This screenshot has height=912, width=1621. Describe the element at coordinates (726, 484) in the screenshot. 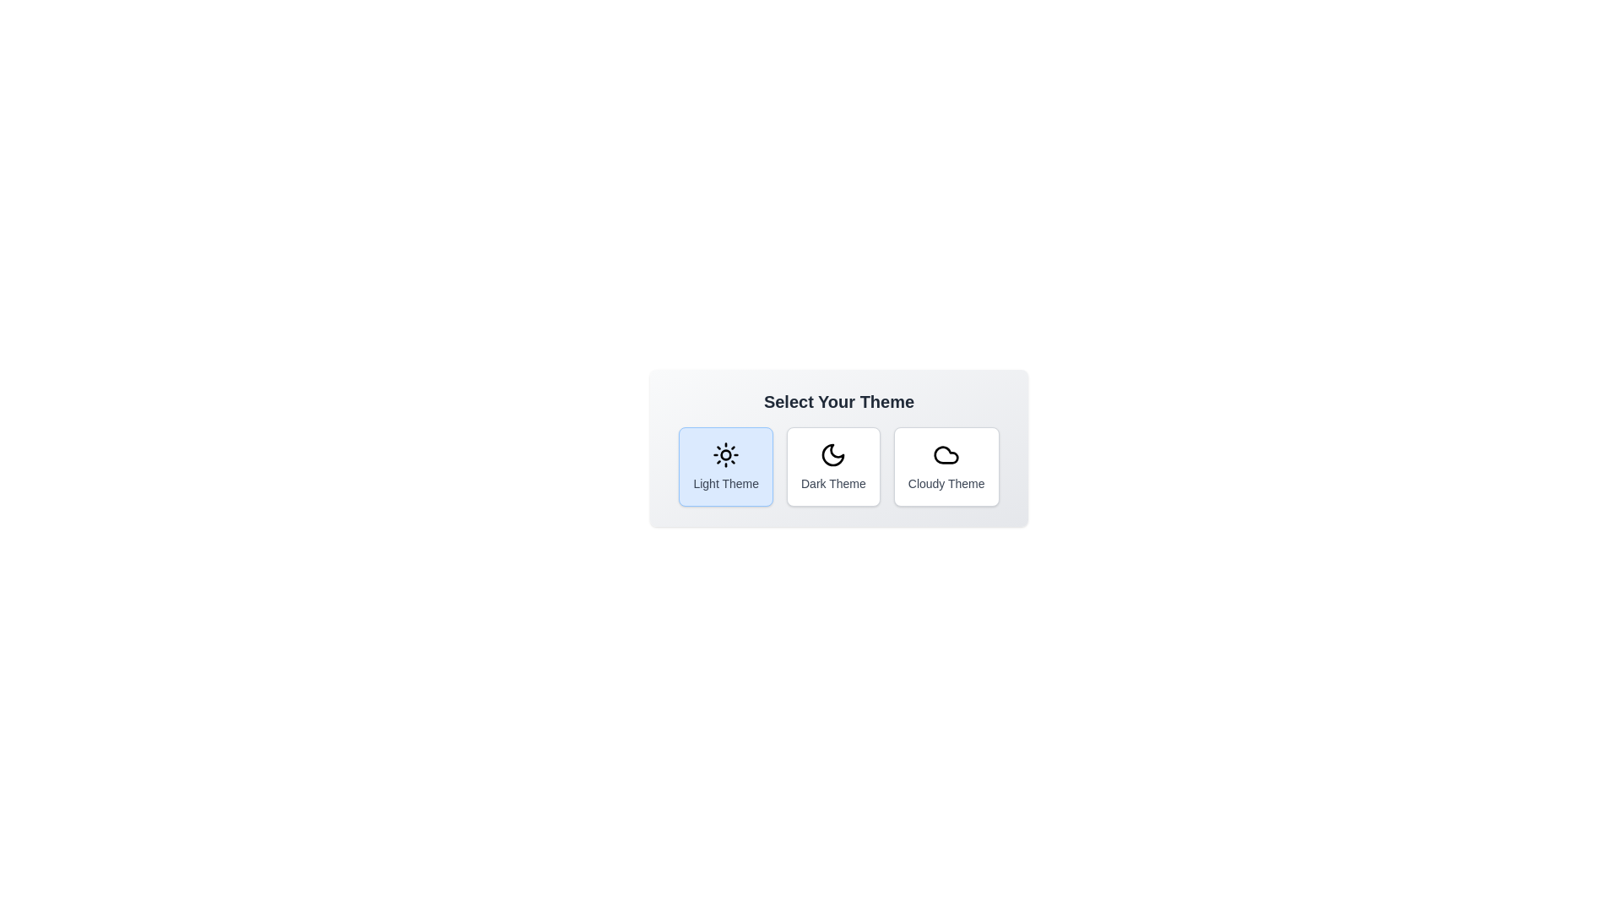

I see `the 'Light Theme' text label, which provides clarification for the selected theme option` at that location.